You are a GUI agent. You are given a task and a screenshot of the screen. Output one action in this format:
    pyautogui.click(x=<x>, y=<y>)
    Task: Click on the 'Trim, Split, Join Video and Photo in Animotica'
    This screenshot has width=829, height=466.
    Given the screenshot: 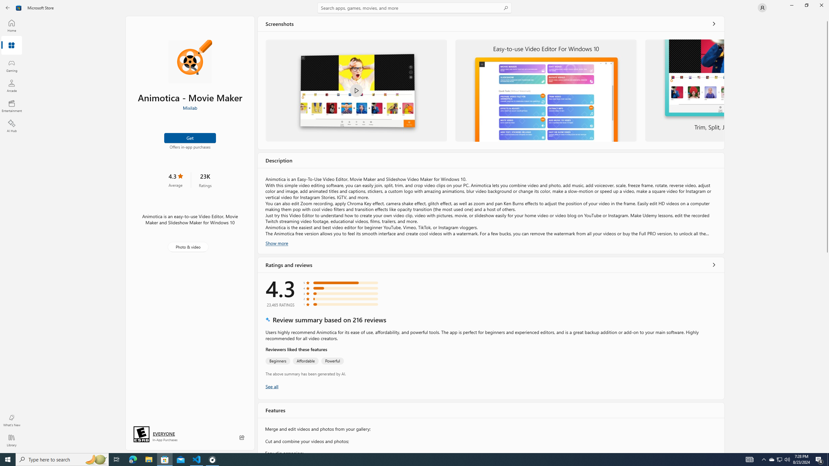 What is the action you would take?
    pyautogui.click(x=684, y=90)
    